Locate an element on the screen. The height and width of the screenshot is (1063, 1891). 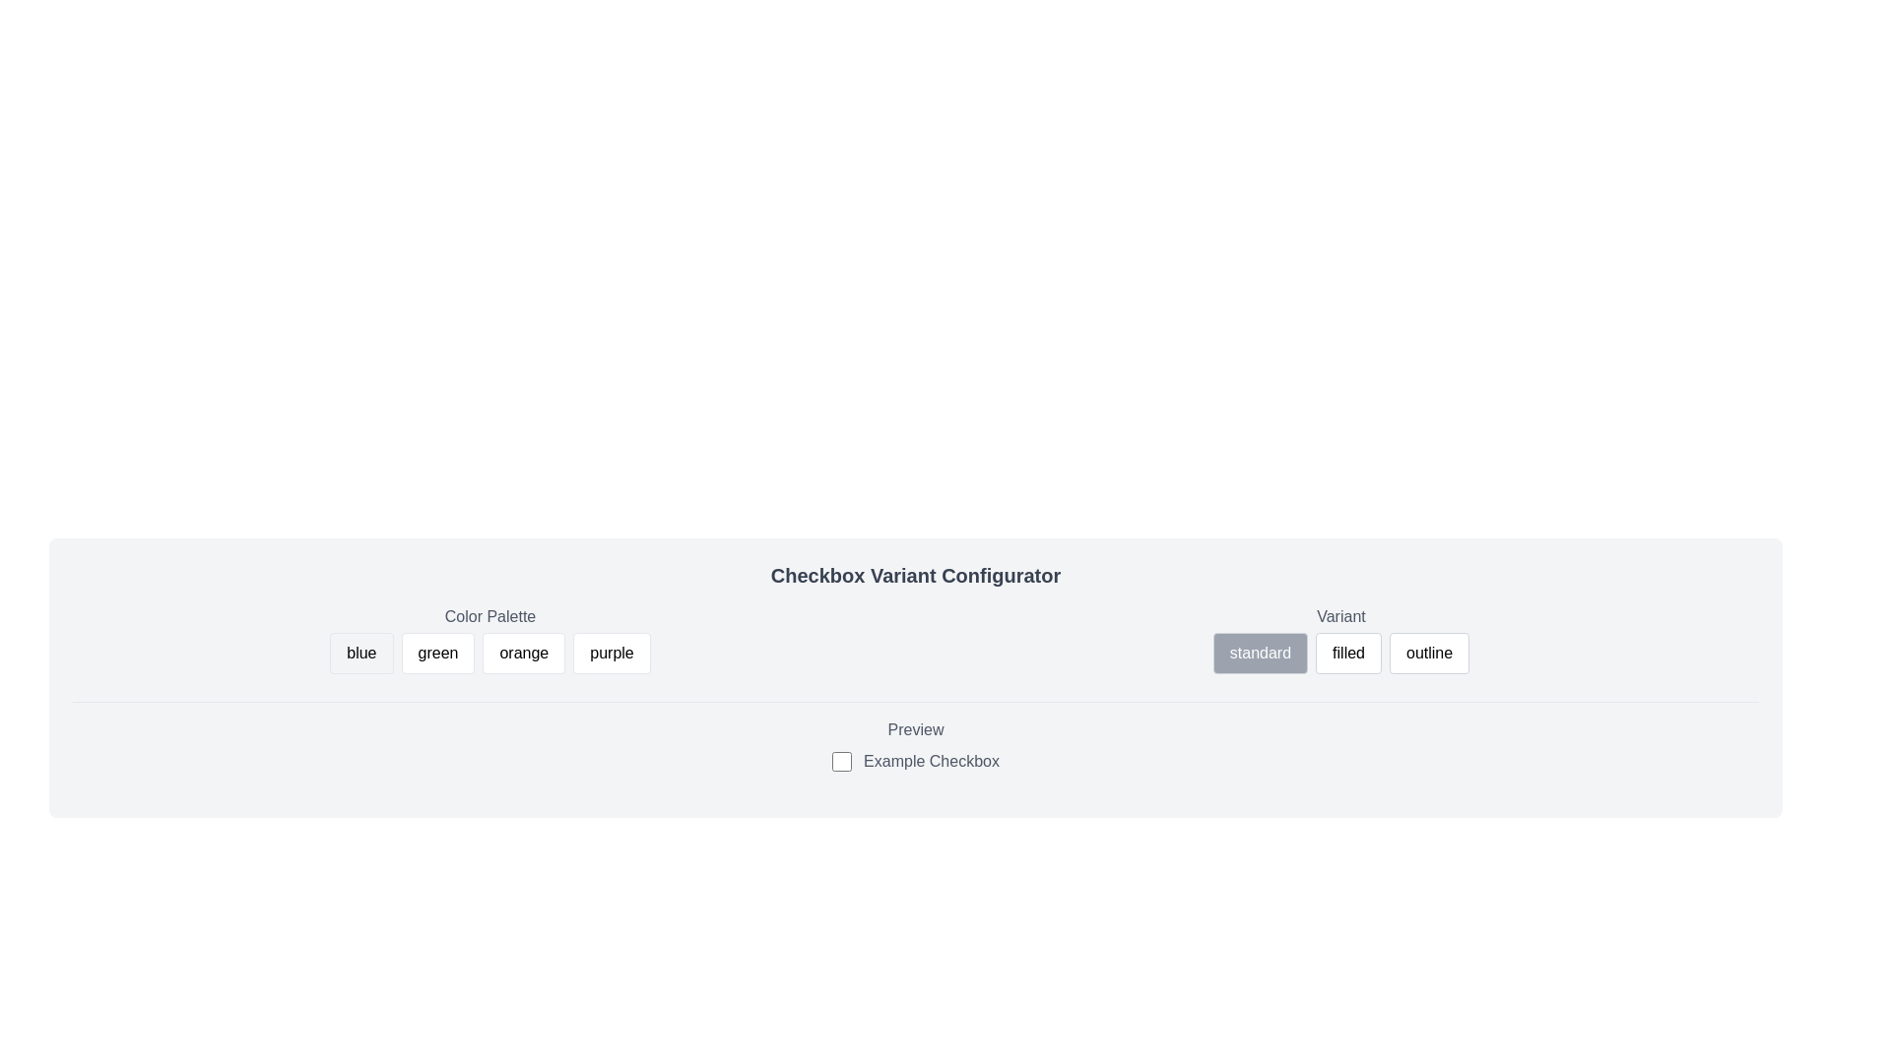
the static text label that introduces the 'Example Checkbox', located slightly above it and horizontally centered across the interface is located at coordinates (915, 729).